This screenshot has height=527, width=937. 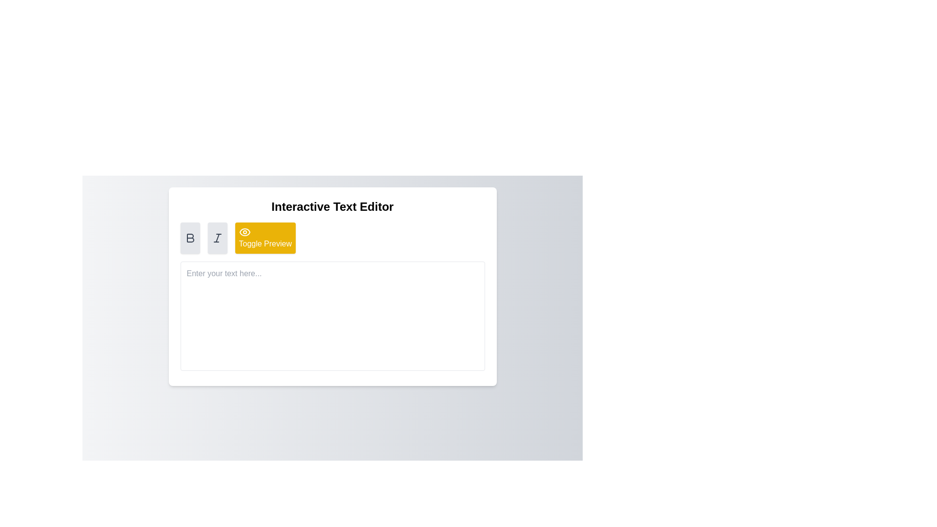 What do you see at coordinates (217, 238) in the screenshot?
I see `the italic text styling icon, represented by a slanted capital 'I'` at bounding box center [217, 238].